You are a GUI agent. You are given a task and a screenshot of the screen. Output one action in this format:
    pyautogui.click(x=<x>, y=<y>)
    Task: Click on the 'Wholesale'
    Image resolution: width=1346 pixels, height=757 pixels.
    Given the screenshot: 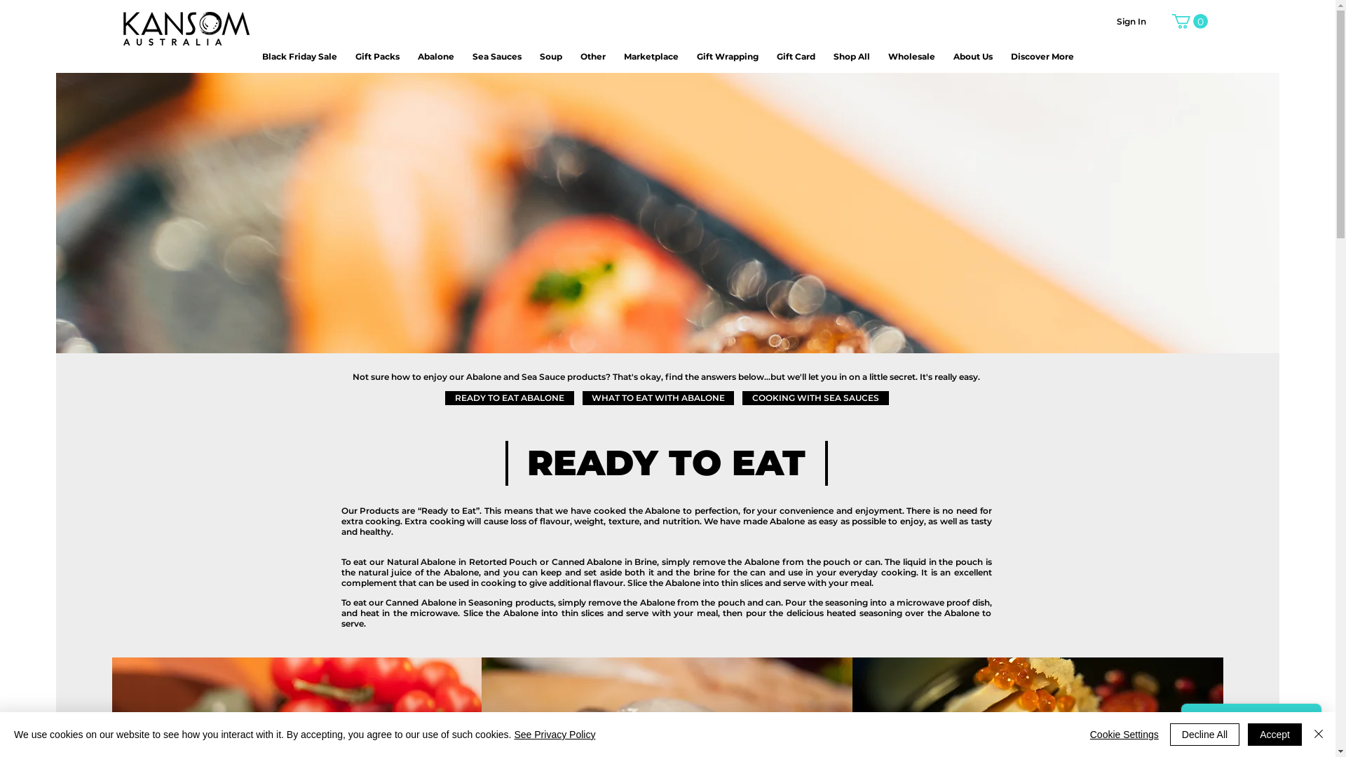 What is the action you would take?
    pyautogui.click(x=911, y=55)
    